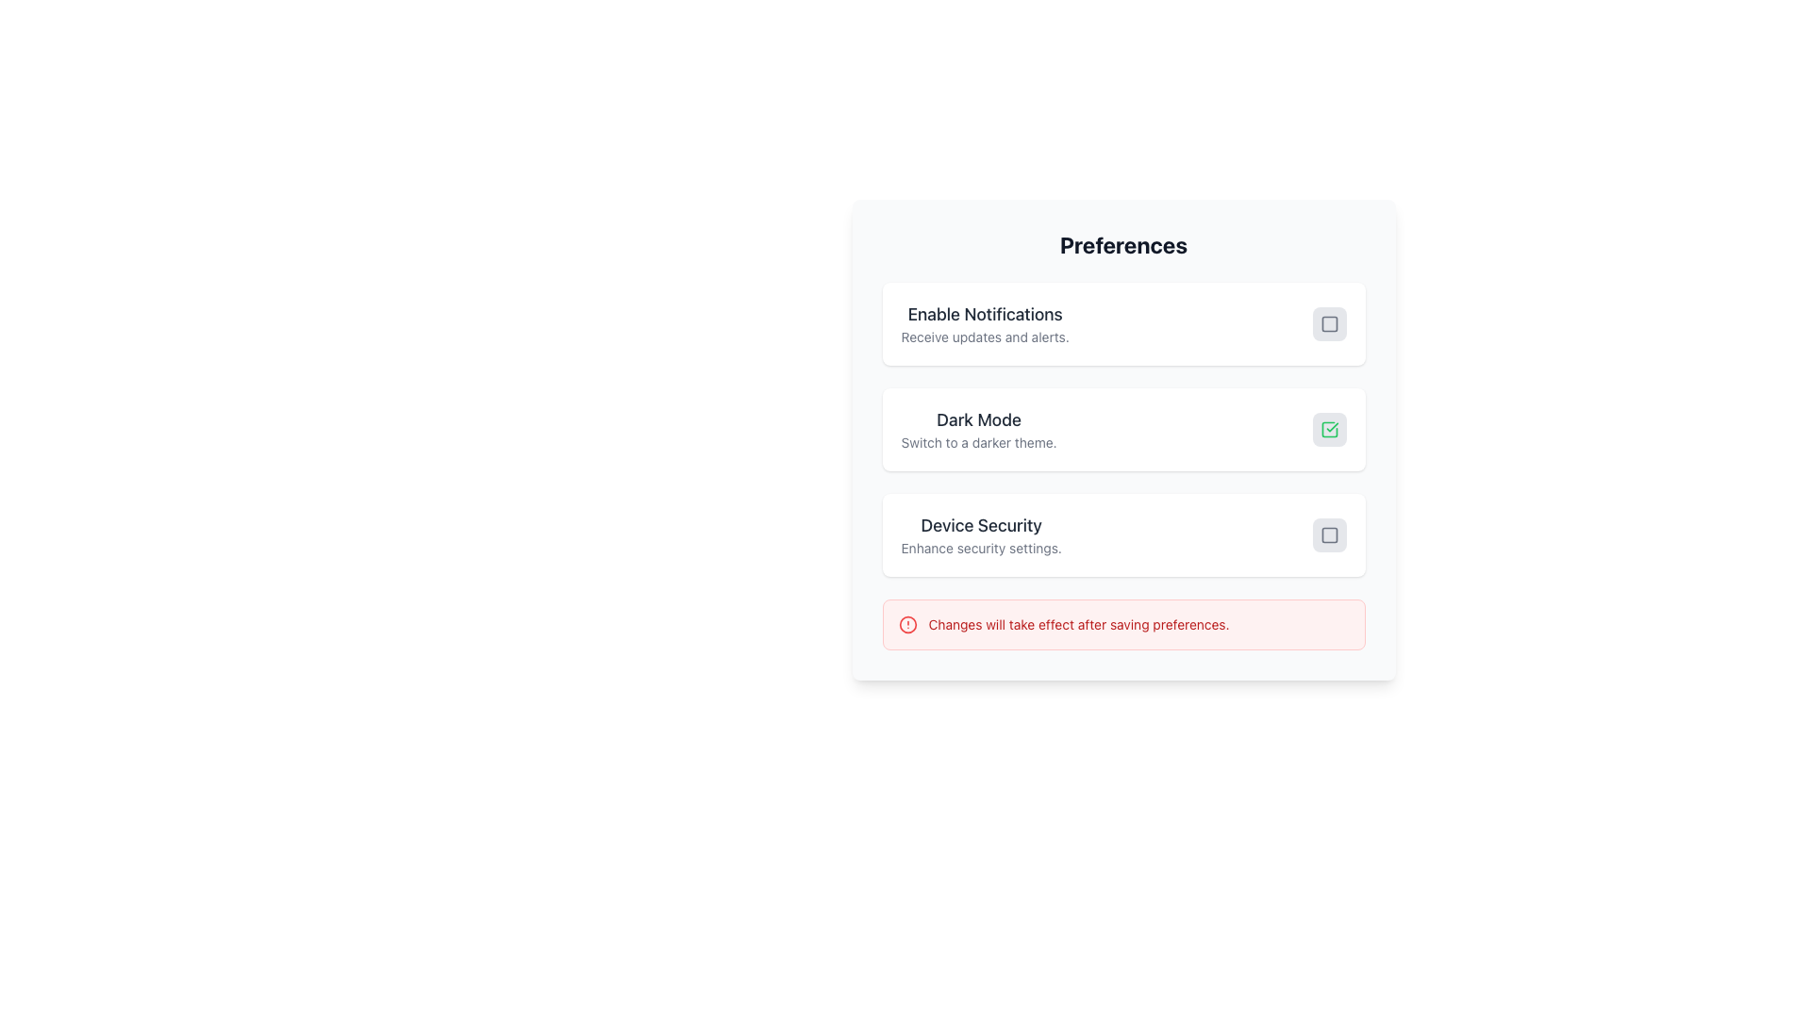  I want to click on the green outlined square icon with a checkmark, located to the right of the 'Dark Mode' text label, so click(1328, 429).